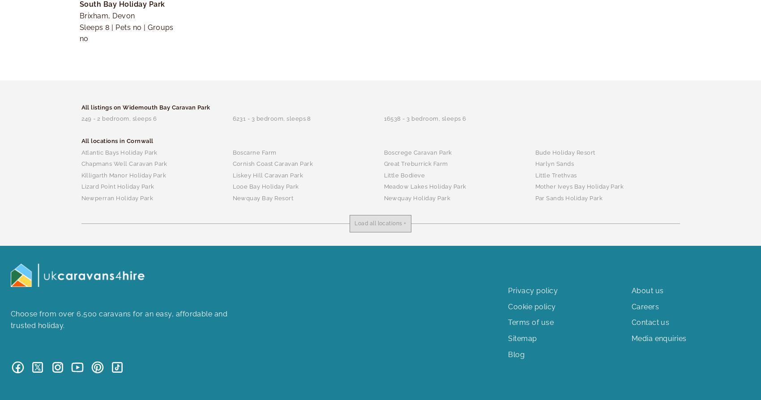  I want to click on 'Cookie policy', so click(508, 306).